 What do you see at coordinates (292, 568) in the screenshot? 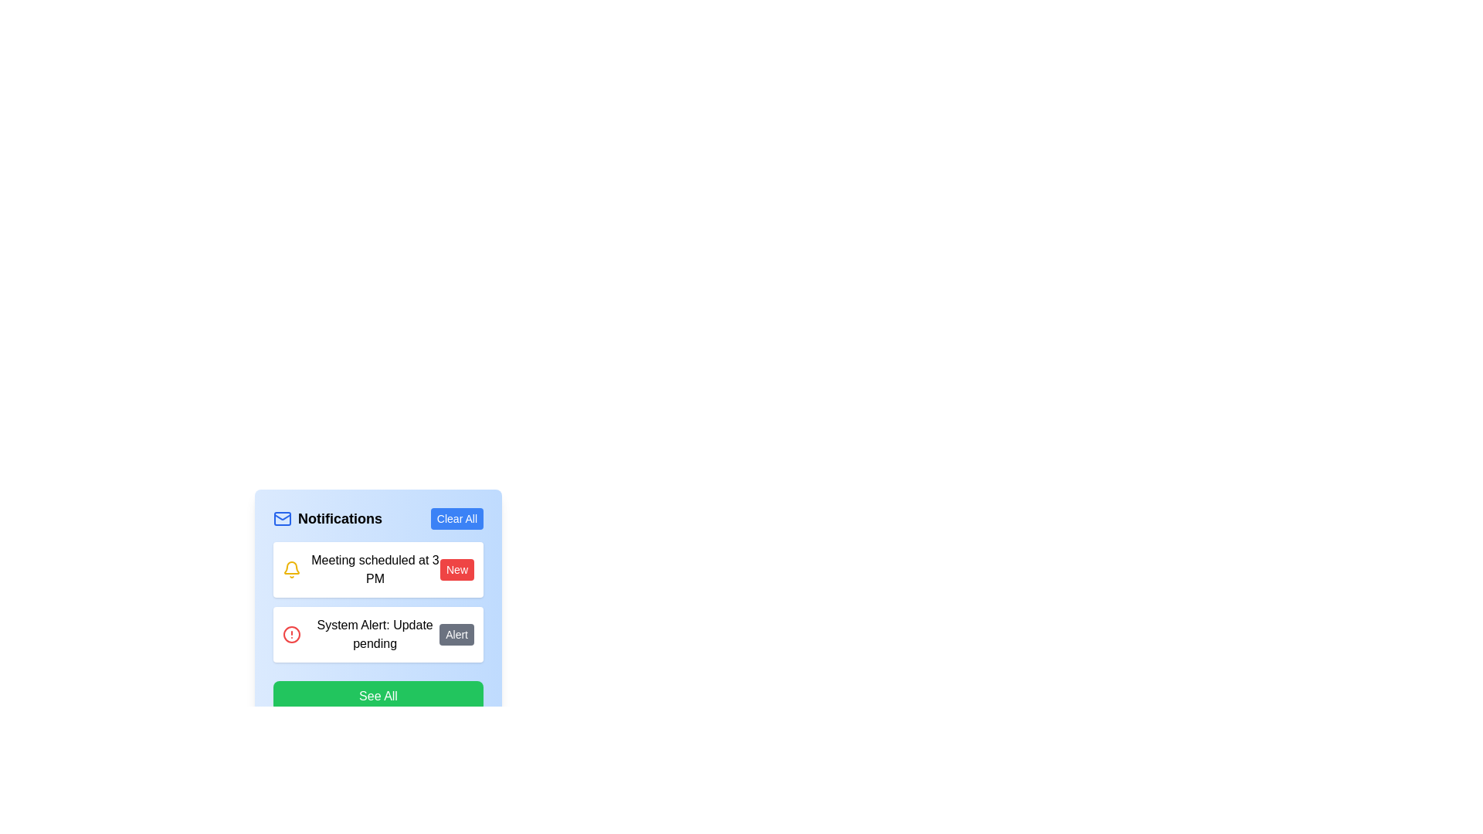
I see `the upper outline of the bell-shaped alert icon to explore the context menu` at bounding box center [292, 568].